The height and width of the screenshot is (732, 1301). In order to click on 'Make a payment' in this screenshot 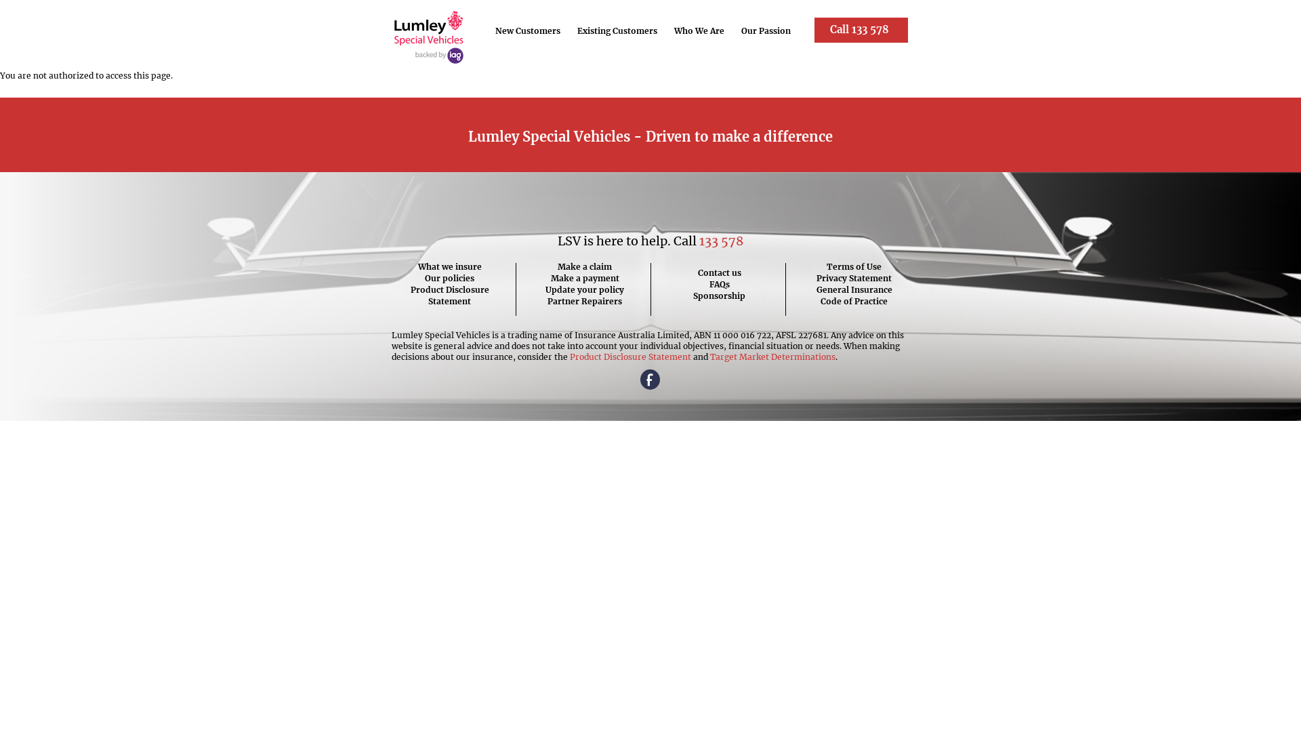, I will do `click(545, 277)`.